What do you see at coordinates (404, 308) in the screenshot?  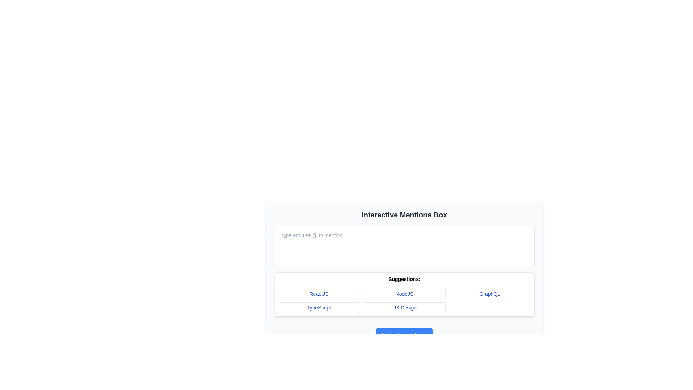 I see `the button labeled 'UX Design', which is a rectangular button with a blue text label and is located in the second row, second column of a 3x2 grid layout under 'Suggestions'` at bounding box center [404, 308].